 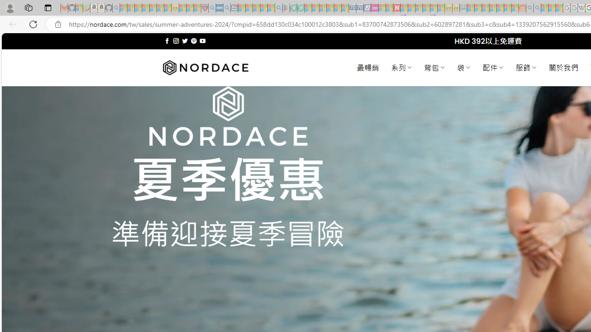 What do you see at coordinates (492, 8) in the screenshot?
I see `'Expert Portfolios - Sleeping'` at bounding box center [492, 8].